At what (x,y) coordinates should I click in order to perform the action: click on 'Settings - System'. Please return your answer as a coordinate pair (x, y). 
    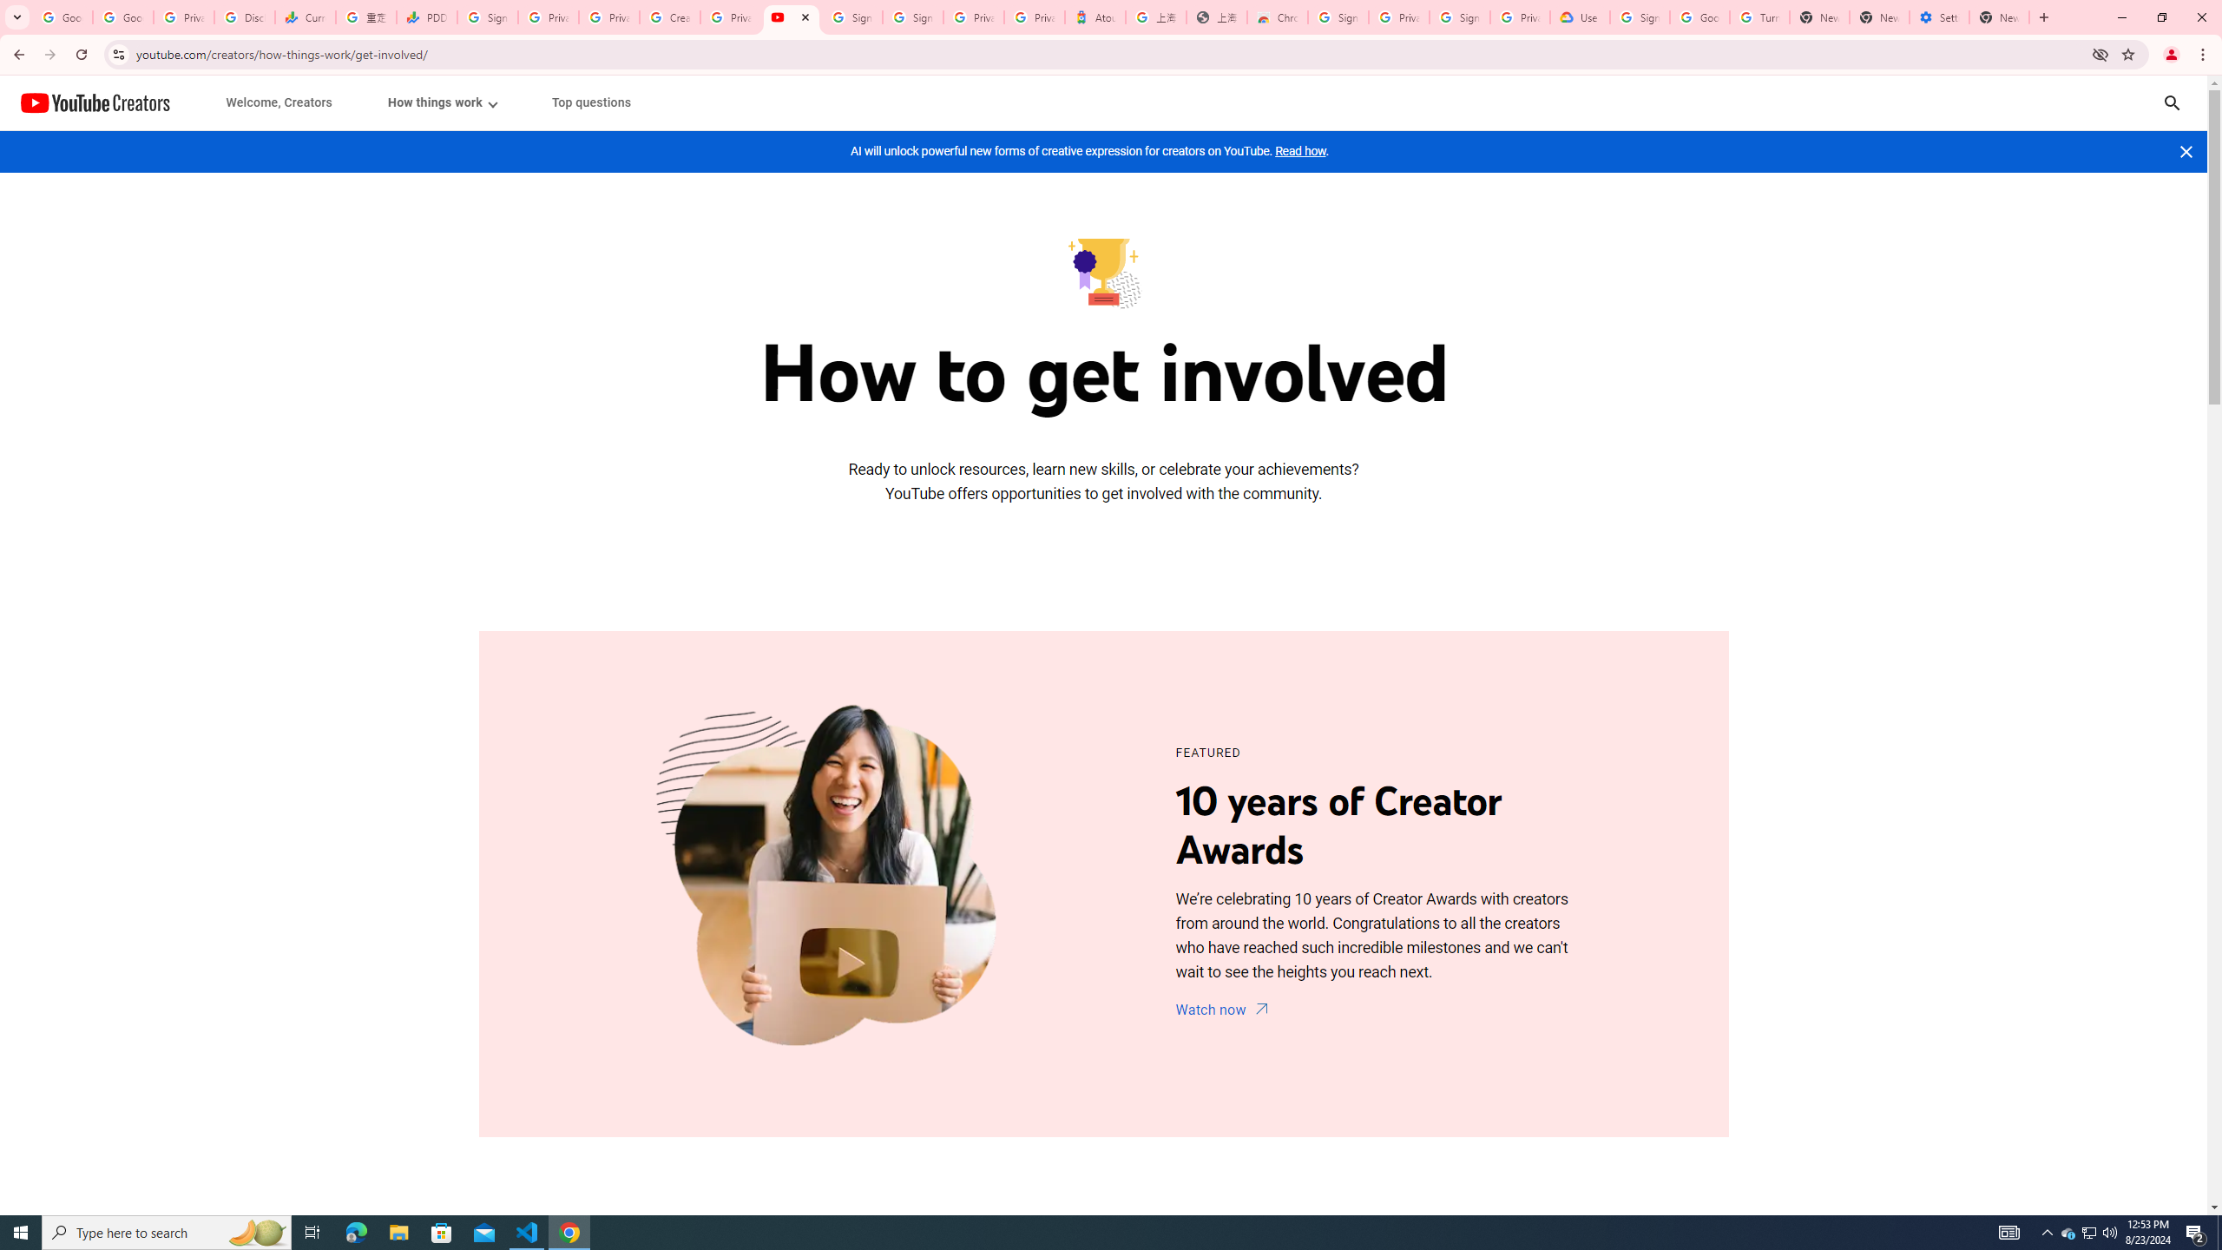
    Looking at the image, I should click on (1938, 16).